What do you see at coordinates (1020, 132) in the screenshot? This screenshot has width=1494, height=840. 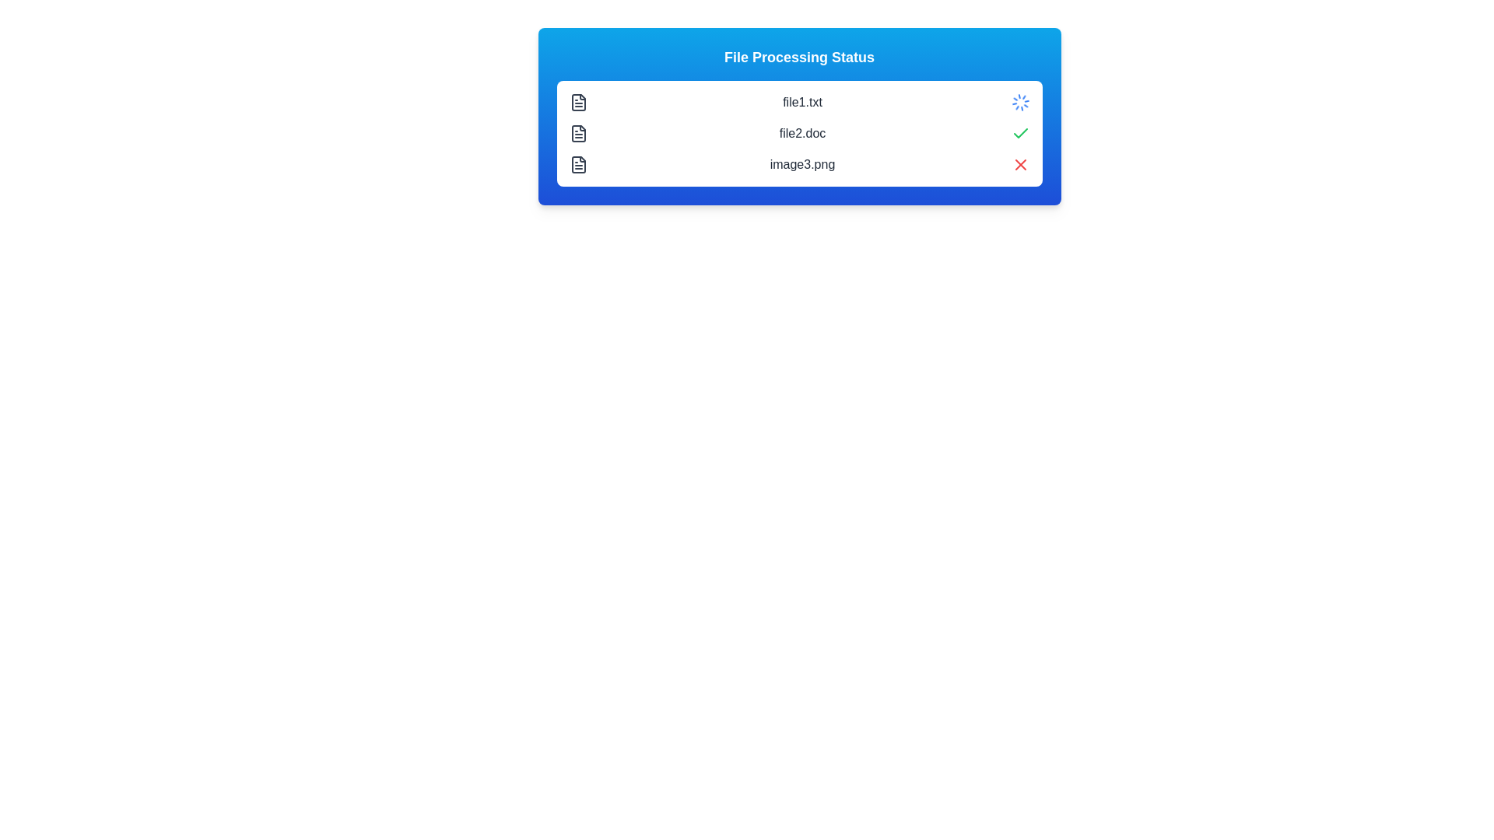 I see `the green checkmark icon indicating a completed status, located in the 'File Processing Status' component` at bounding box center [1020, 132].